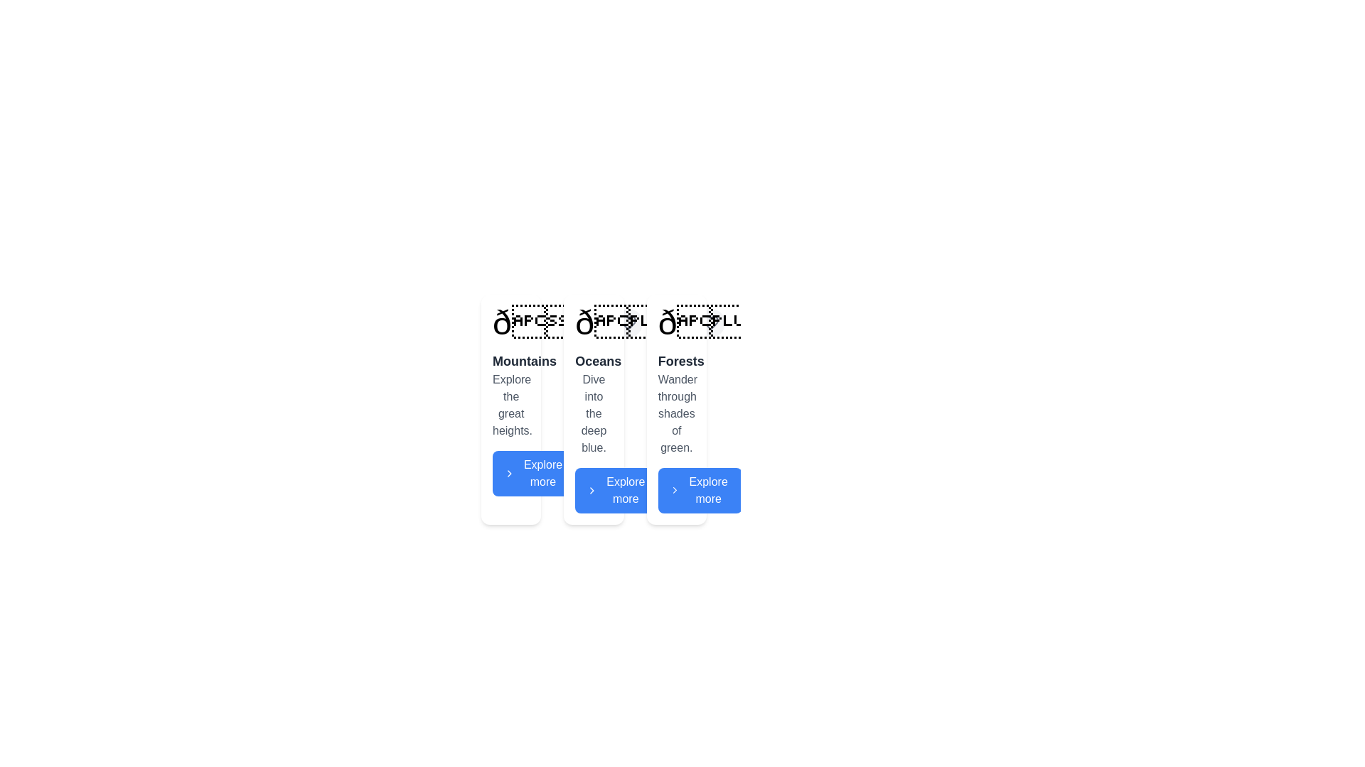 The image size is (1365, 767). What do you see at coordinates (552, 323) in the screenshot?
I see `the text component displaying a trophy emoji, prominently styled with the CSS class 'text-5xl', located above the title 'Mountains' in the first card of three` at bounding box center [552, 323].